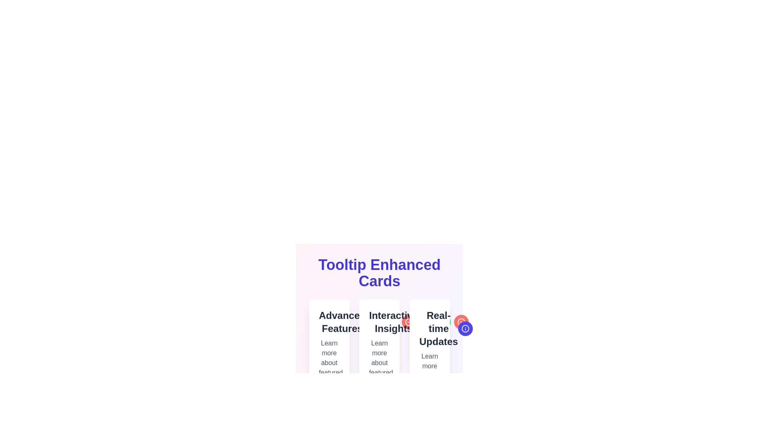  Describe the element at coordinates (443, 322) in the screenshot. I see `the removal button located` at that location.